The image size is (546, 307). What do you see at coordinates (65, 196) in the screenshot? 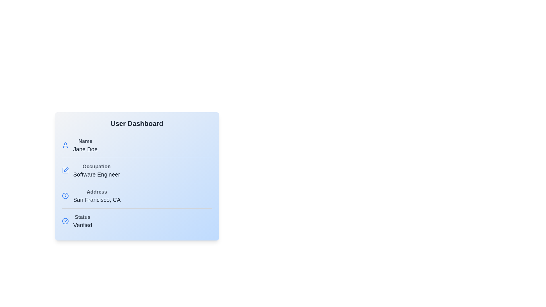
I see `the informational icon located on the left side of the 'Address' text row` at bounding box center [65, 196].